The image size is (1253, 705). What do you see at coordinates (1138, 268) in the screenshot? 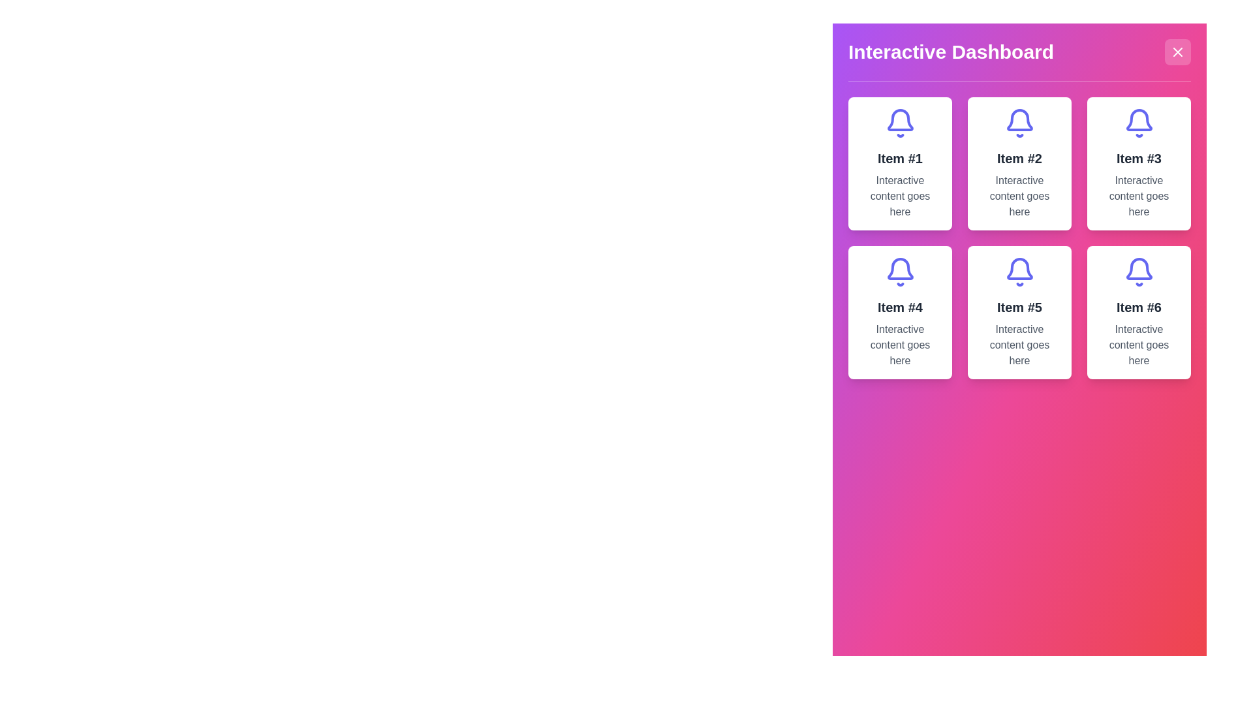
I see `the notification bell icon located at the top-center of the sixth card in a grid layout, which represents alerts or updates` at bounding box center [1138, 268].